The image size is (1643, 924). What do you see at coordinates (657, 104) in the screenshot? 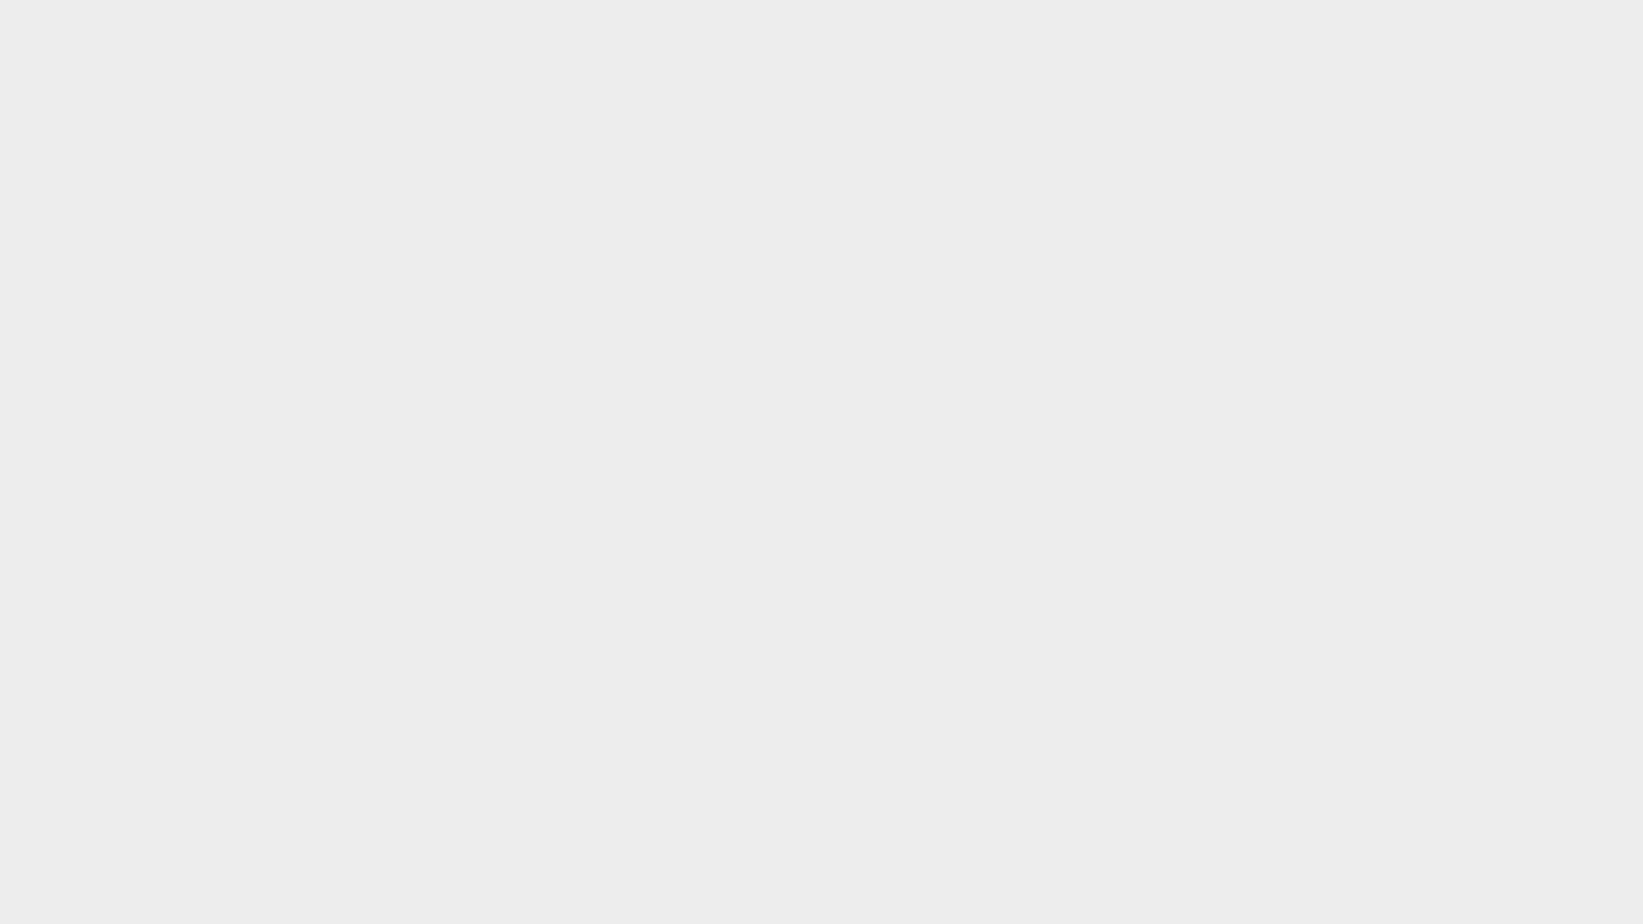
I see `'Who We Are'` at bounding box center [657, 104].